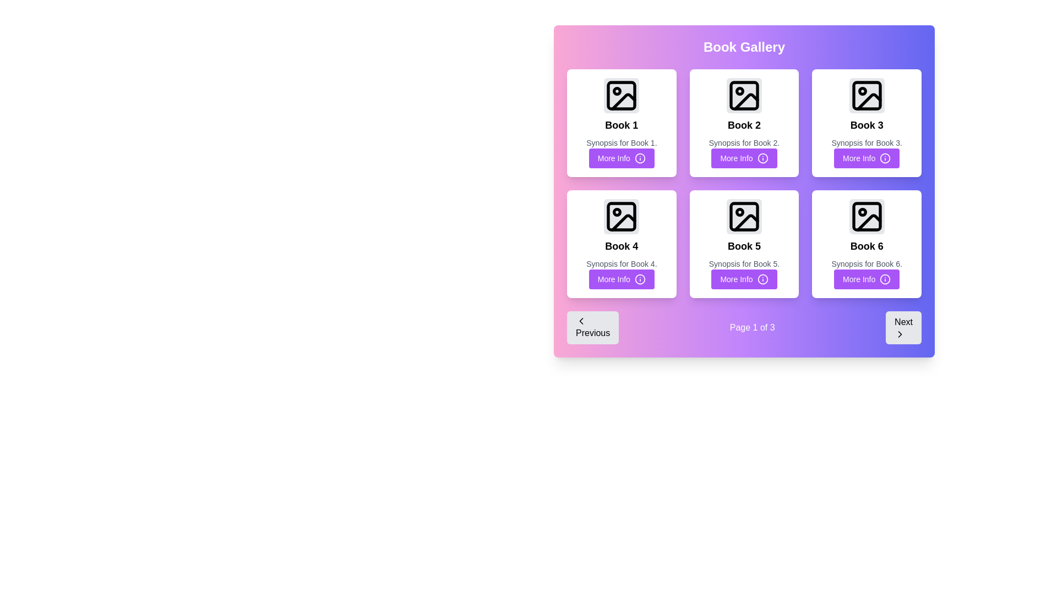 The width and height of the screenshot is (1057, 594). I want to click on the image placeholder icon with a black outline and rounded corners, located at the center of the card for 'Book 5' in the gallery interface, so click(744, 216).